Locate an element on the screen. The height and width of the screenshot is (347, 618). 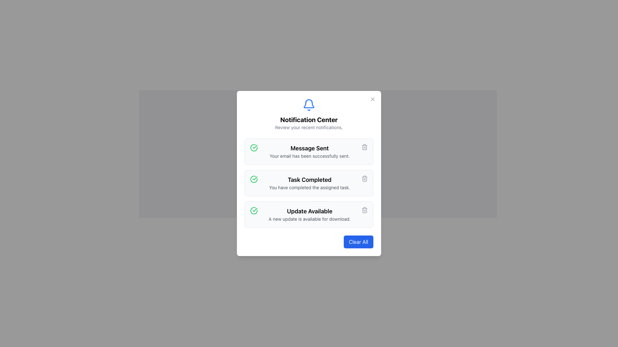
the green checkmark icon within a circular border, located to the left of the 'Message Sent' notification, vertically aligned with the text is located at coordinates (253, 147).